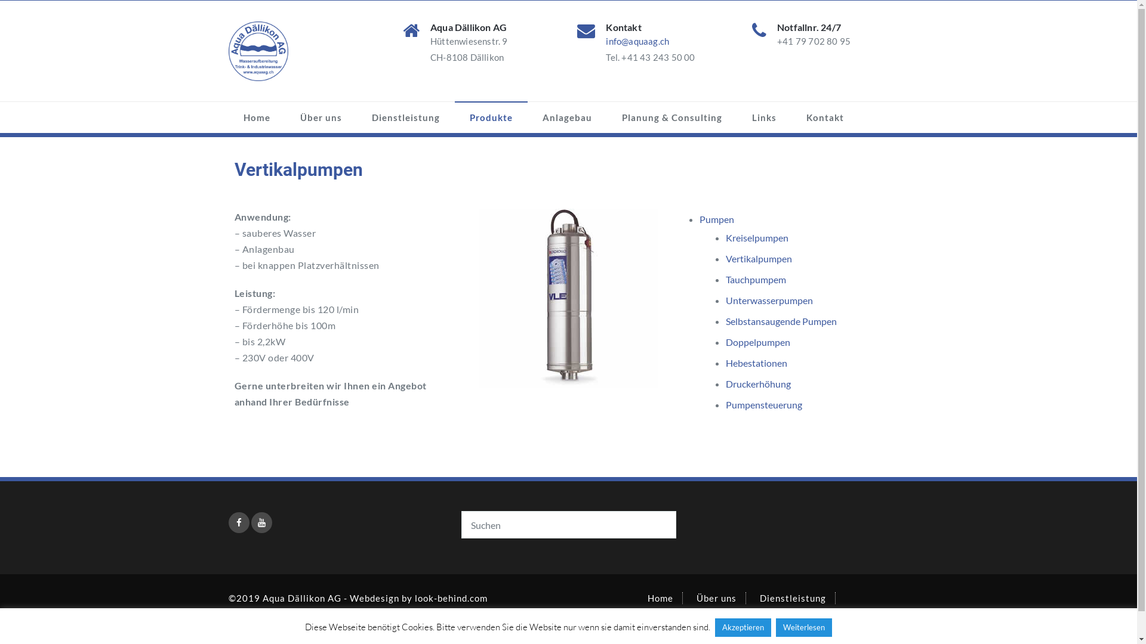 The image size is (1146, 644). What do you see at coordinates (763, 117) in the screenshot?
I see `'Links'` at bounding box center [763, 117].